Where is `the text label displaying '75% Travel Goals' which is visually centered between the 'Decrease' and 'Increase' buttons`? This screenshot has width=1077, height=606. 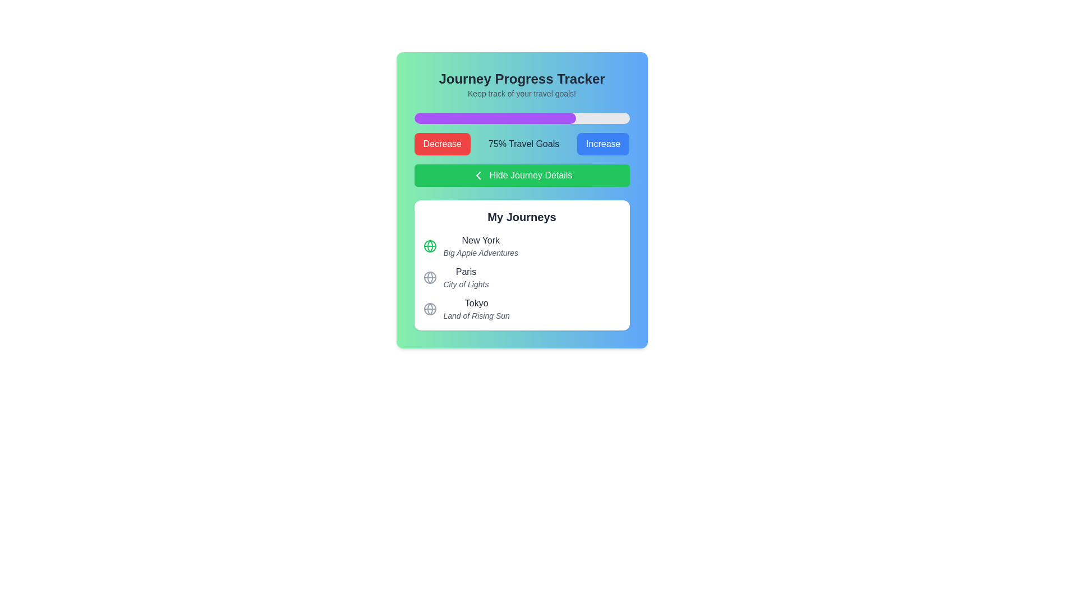 the text label displaying '75% Travel Goals' which is visually centered between the 'Decrease' and 'Increase' buttons is located at coordinates (523, 144).